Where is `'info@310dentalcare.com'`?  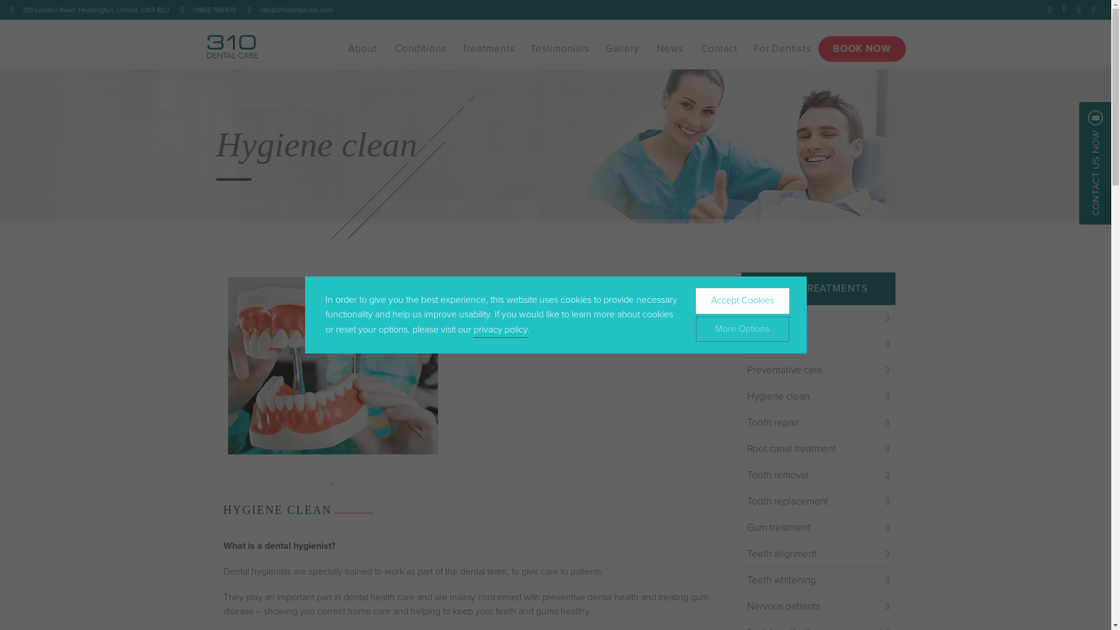
'info@310dentalcare.com' is located at coordinates (296, 9).